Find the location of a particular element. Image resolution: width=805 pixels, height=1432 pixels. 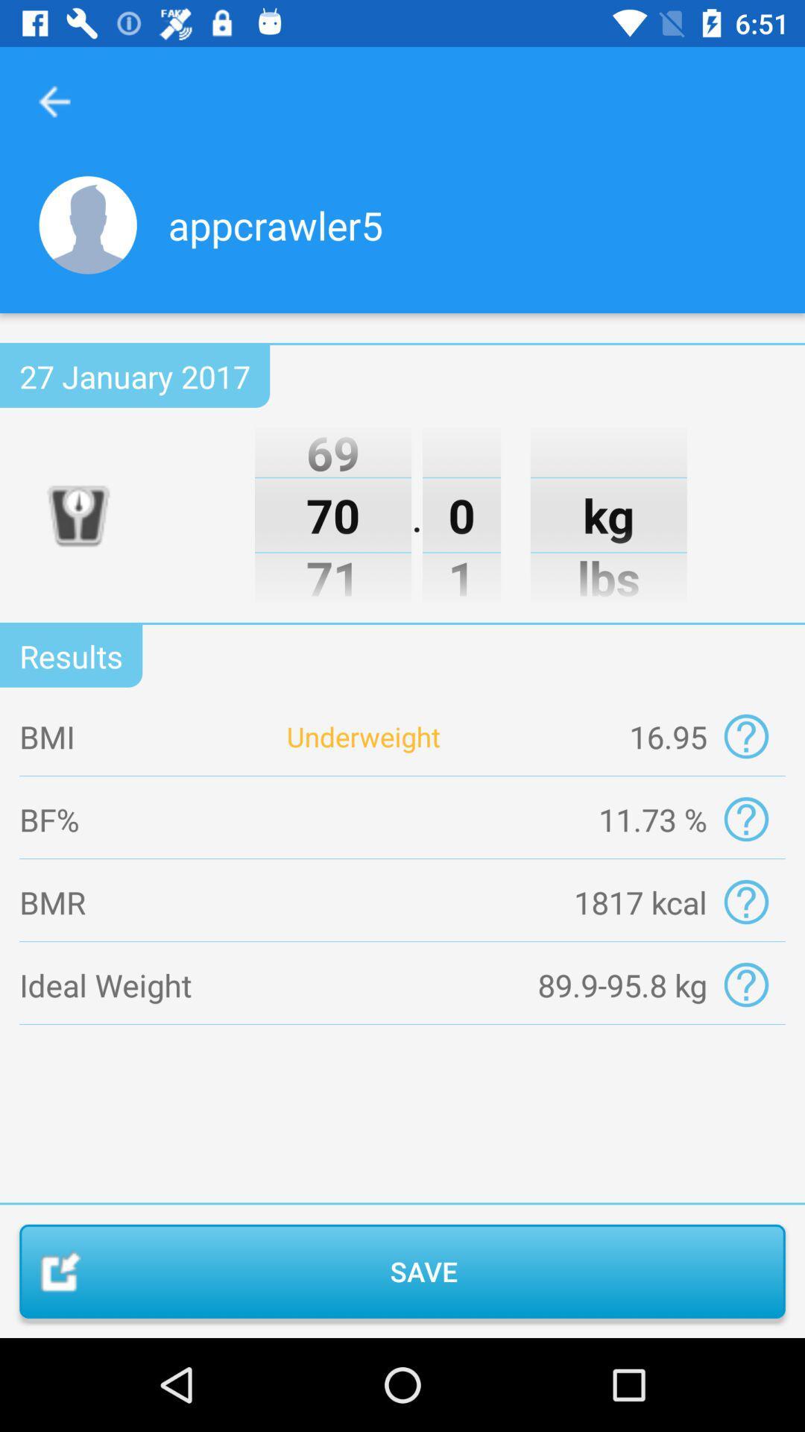

the sliders icon is located at coordinates (78, 515).